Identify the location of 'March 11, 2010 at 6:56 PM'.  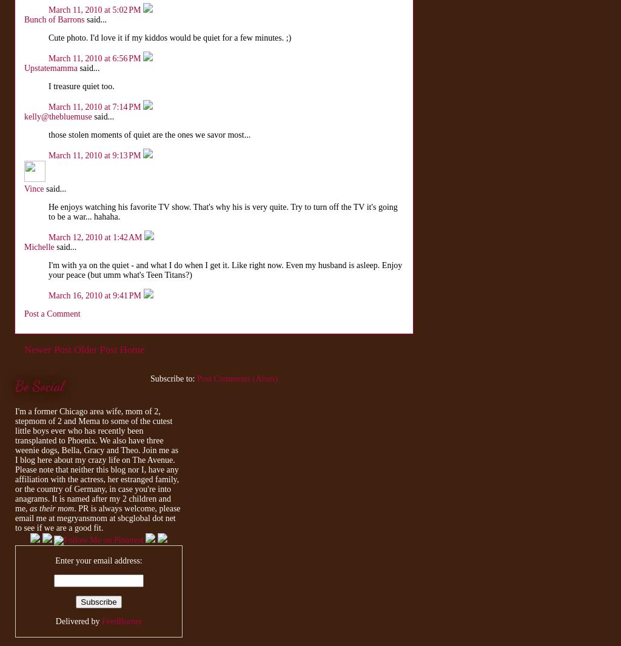
(95, 58).